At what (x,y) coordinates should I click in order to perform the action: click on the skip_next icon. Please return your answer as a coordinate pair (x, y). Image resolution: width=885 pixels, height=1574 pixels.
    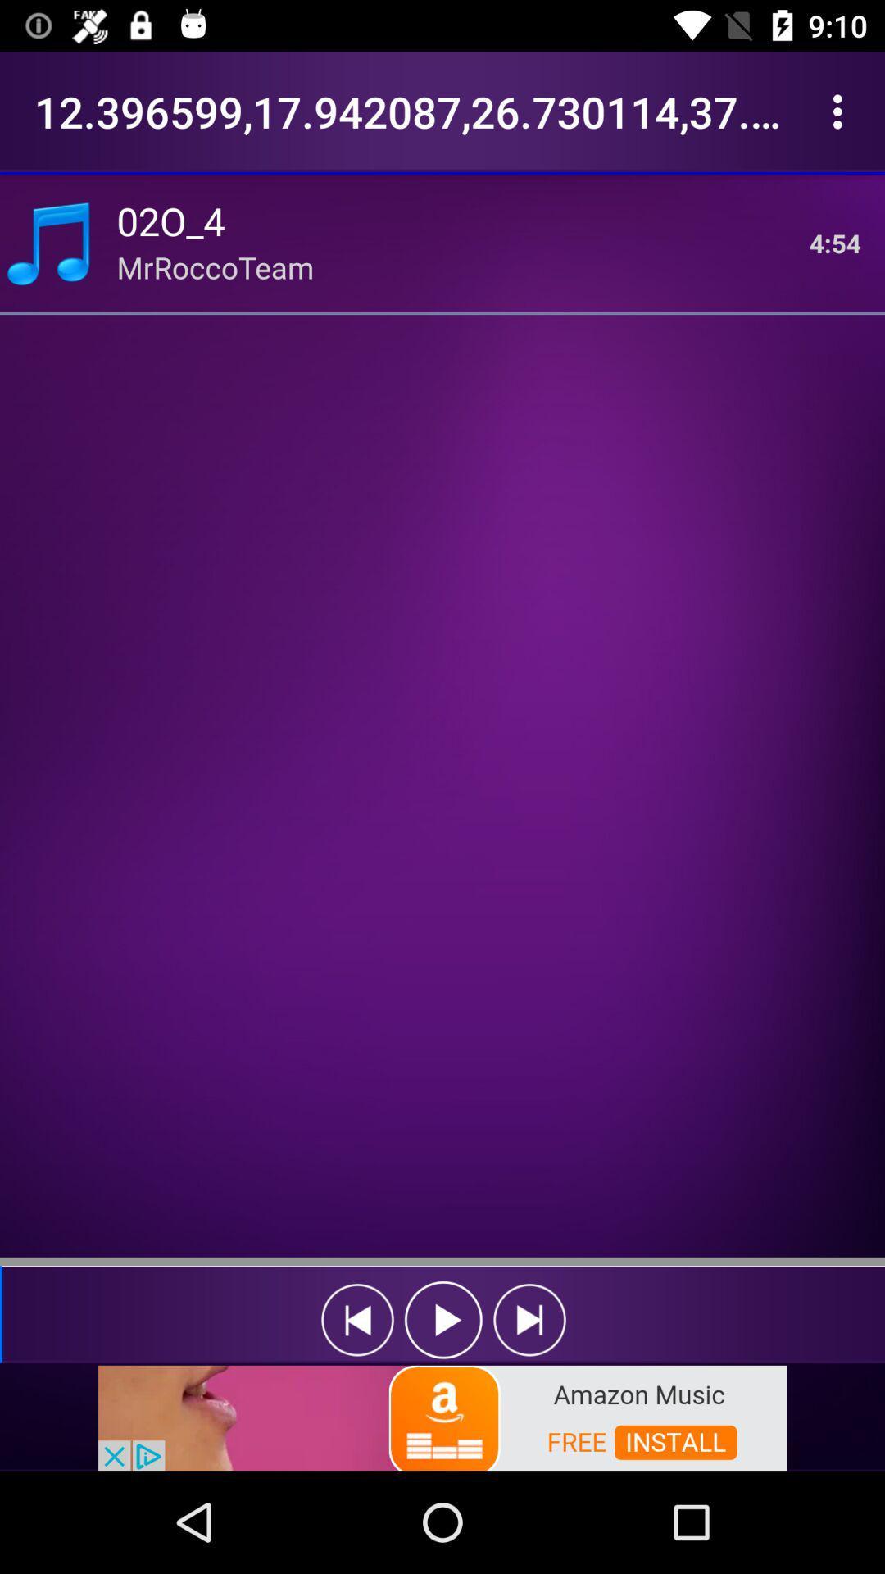
    Looking at the image, I should click on (529, 1320).